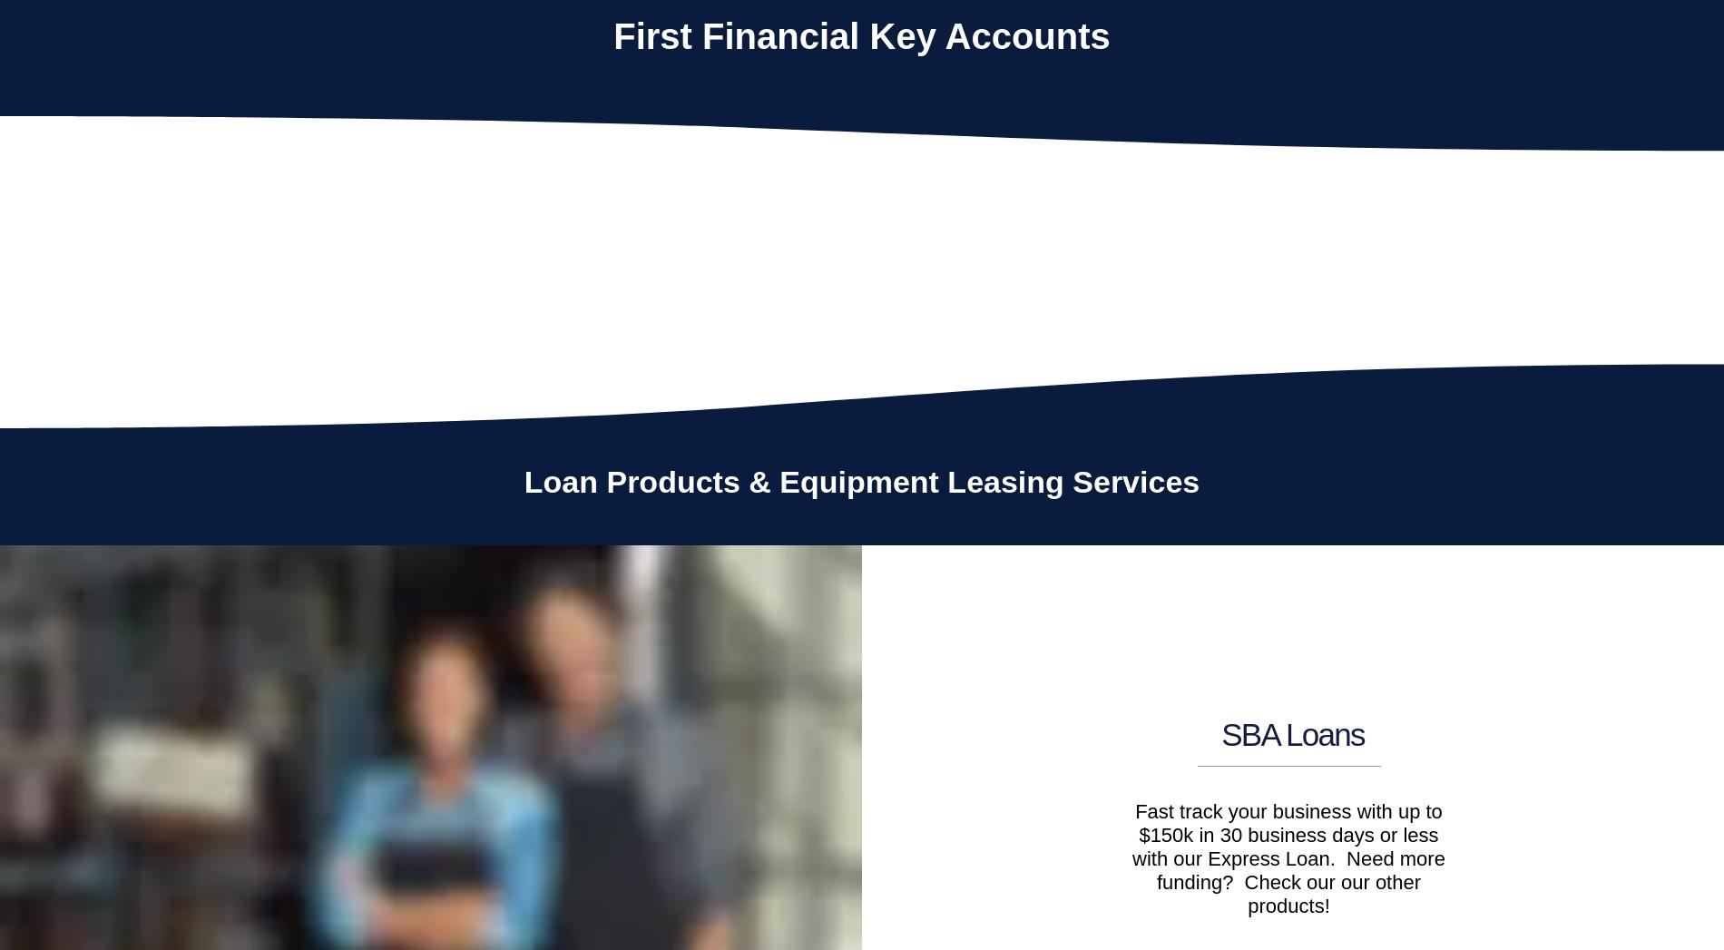 Image resolution: width=1724 pixels, height=950 pixels. Describe the element at coordinates (613, 34) in the screenshot. I see `'First Financial Key Accounts'` at that location.